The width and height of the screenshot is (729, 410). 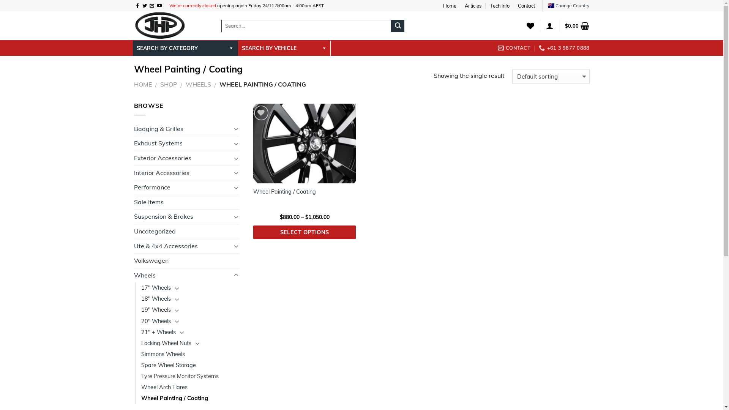 What do you see at coordinates (186, 260) in the screenshot?
I see `'Volkswagen'` at bounding box center [186, 260].